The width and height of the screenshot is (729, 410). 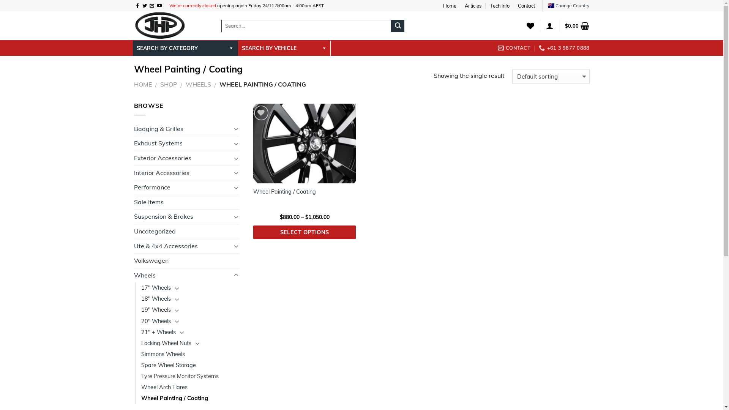 What do you see at coordinates (186, 260) in the screenshot?
I see `'Volkswagen'` at bounding box center [186, 260].